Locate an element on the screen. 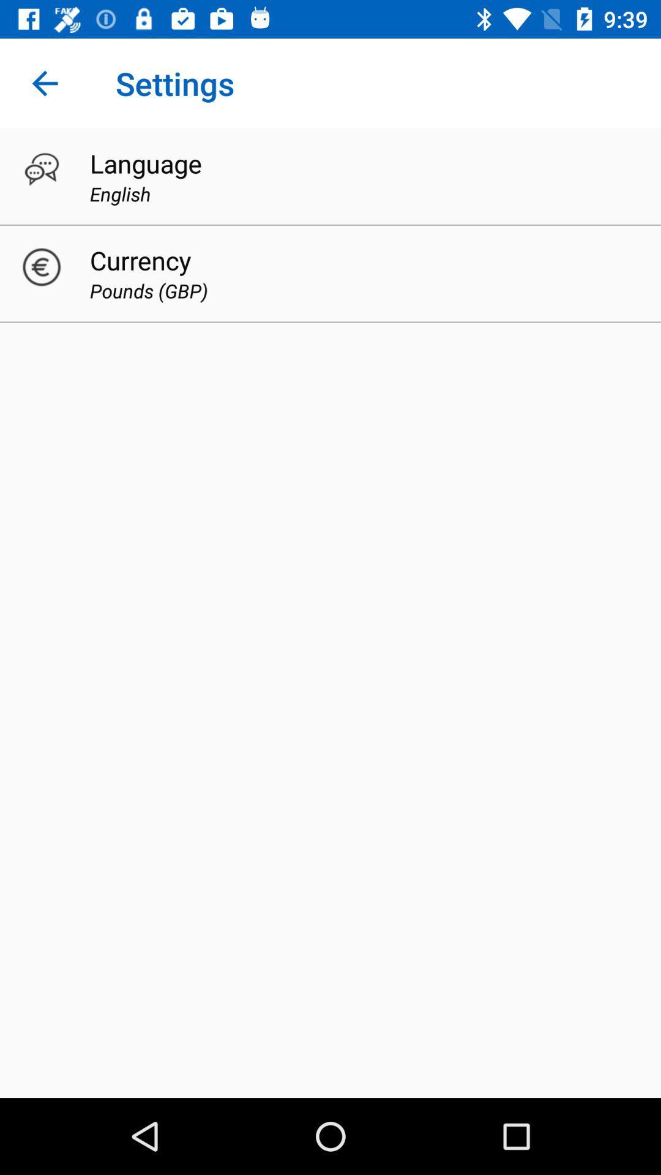  the currency icon is located at coordinates (140, 259).